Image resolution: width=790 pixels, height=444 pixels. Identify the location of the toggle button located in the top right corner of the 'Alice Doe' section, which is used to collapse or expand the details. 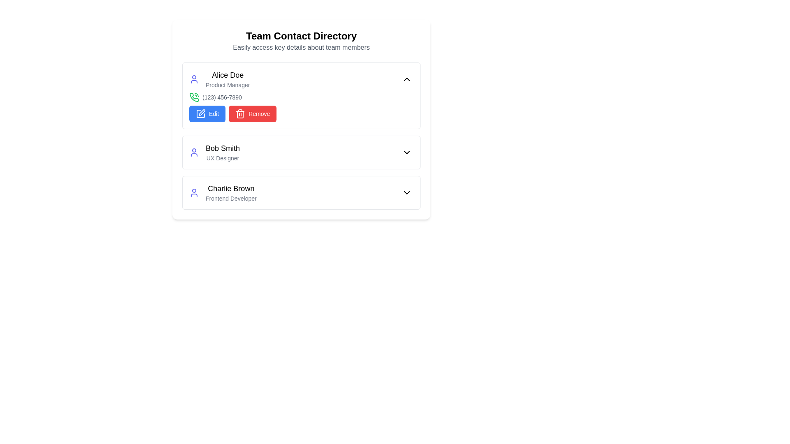
(407, 79).